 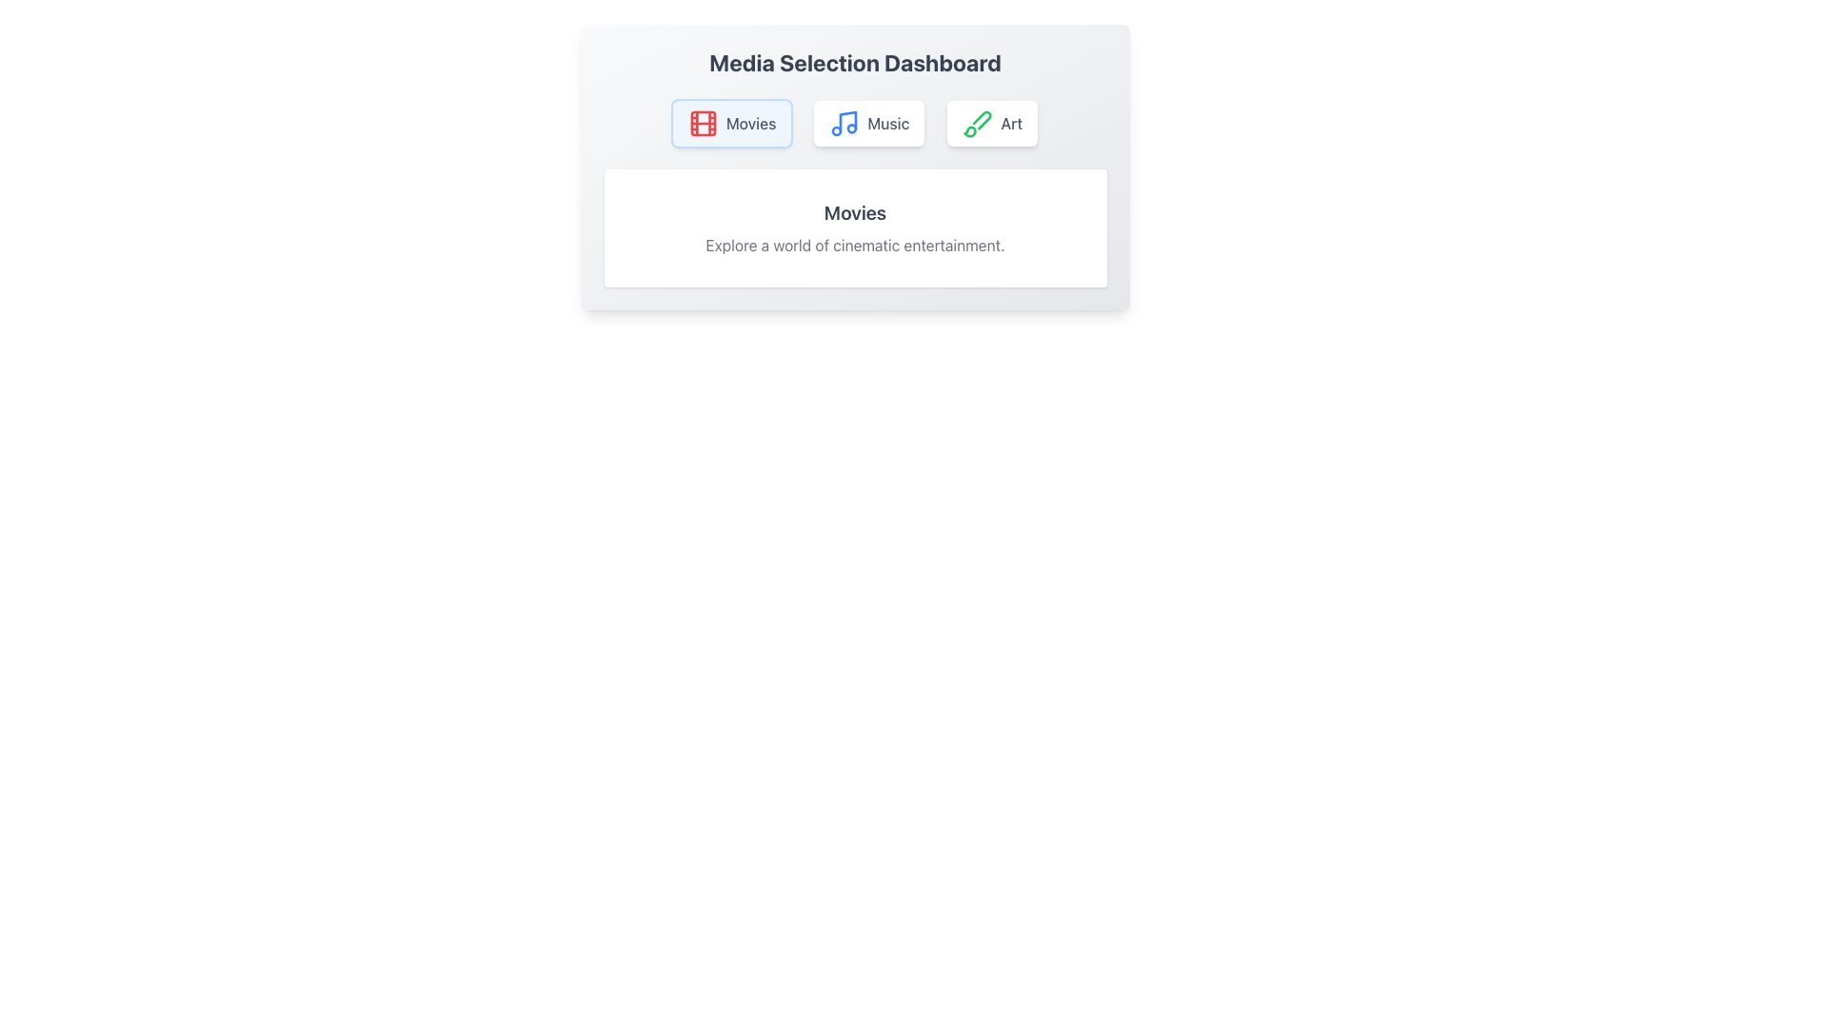 What do you see at coordinates (750, 124) in the screenshot?
I see `the 'Movies' text label, which is styled in medium gray color and located next to a red film strip icon in a media dashboard interface` at bounding box center [750, 124].